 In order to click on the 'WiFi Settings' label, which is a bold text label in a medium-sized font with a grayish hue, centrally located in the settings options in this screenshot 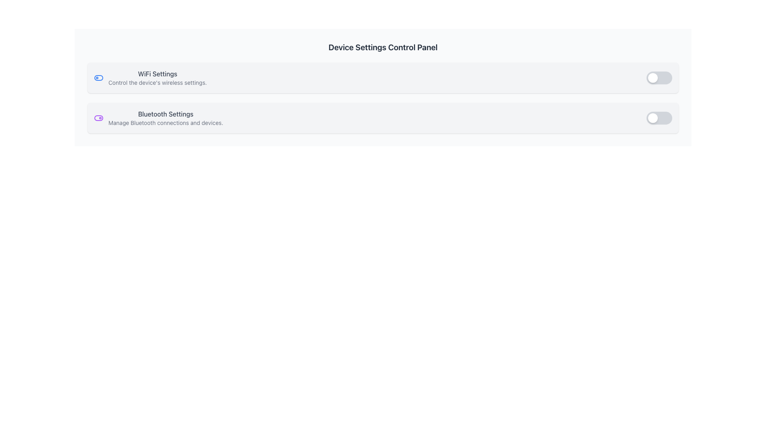, I will do `click(157, 74)`.